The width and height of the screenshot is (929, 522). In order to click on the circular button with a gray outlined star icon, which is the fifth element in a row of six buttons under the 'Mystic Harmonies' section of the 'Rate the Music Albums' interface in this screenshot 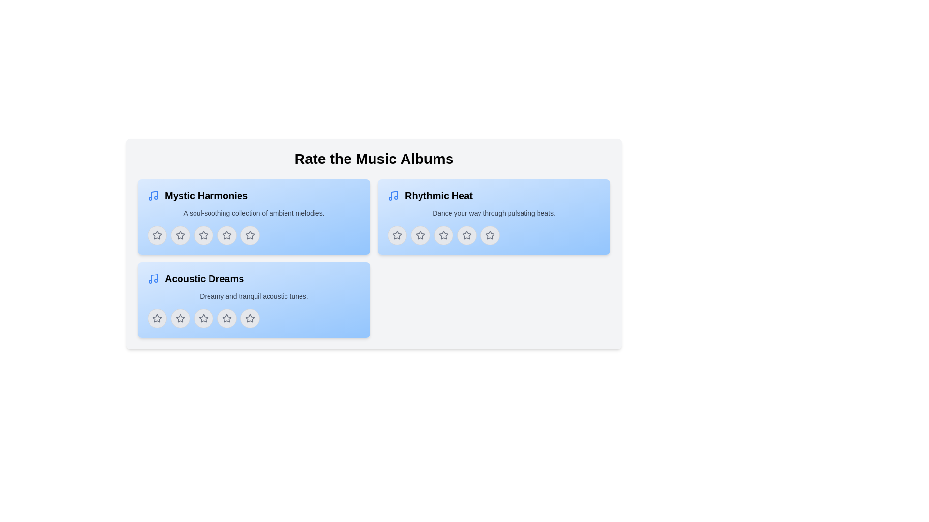, I will do `click(250, 235)`.